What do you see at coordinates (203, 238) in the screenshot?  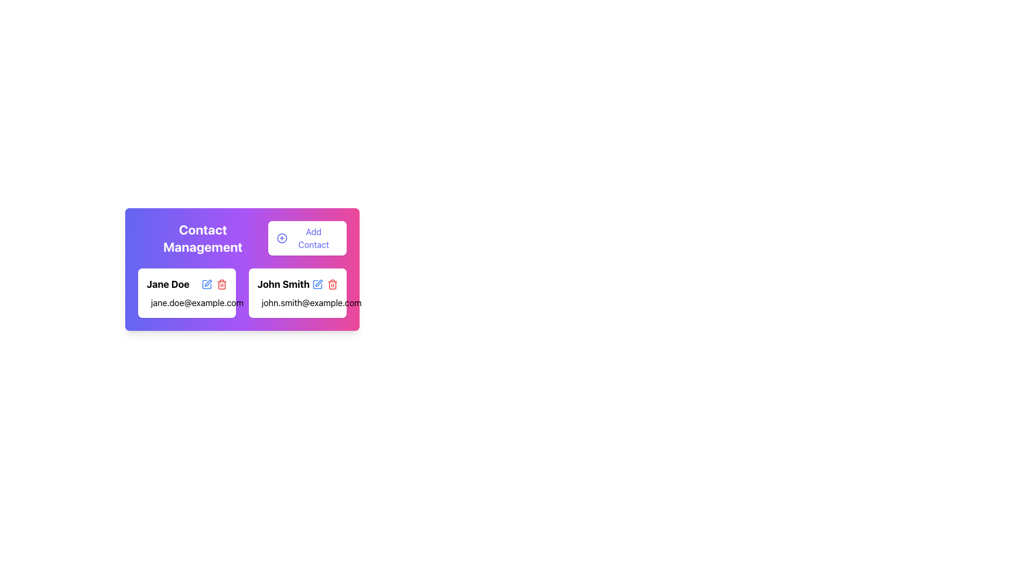 I see `the heading text label 'Contact Management' which is styled in bold and large font, centrally aligned against a gradient background transitioning from blue to pink` at bounding box center [203, 238].